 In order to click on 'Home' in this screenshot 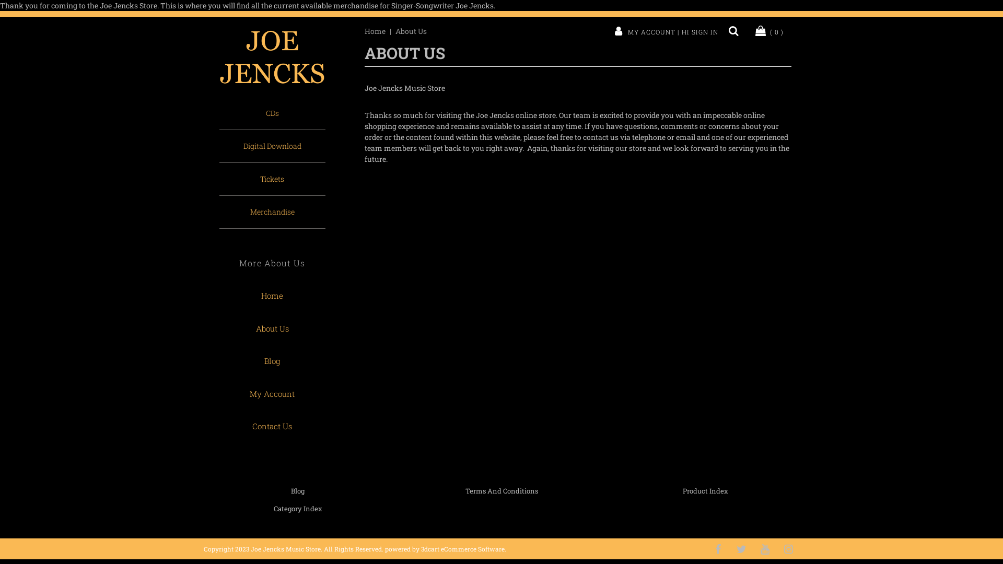, I will do `click(272, 296)`.